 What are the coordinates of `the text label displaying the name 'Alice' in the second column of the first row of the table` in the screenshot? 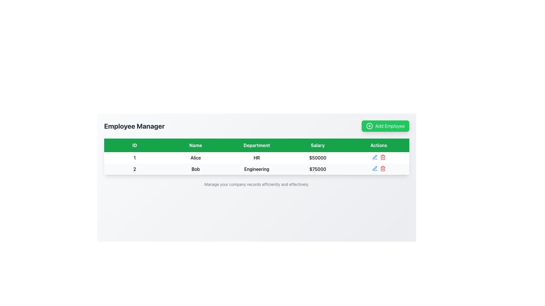 It's located at (196, 158).